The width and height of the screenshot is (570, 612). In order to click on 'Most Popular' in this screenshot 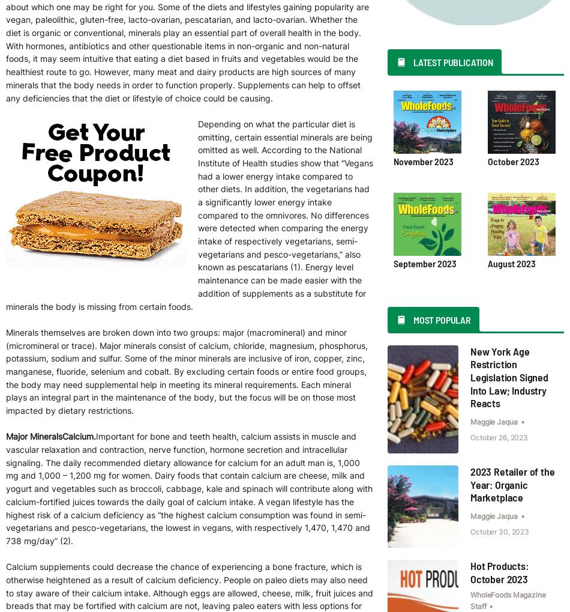, I will do `click(440, 319)`.